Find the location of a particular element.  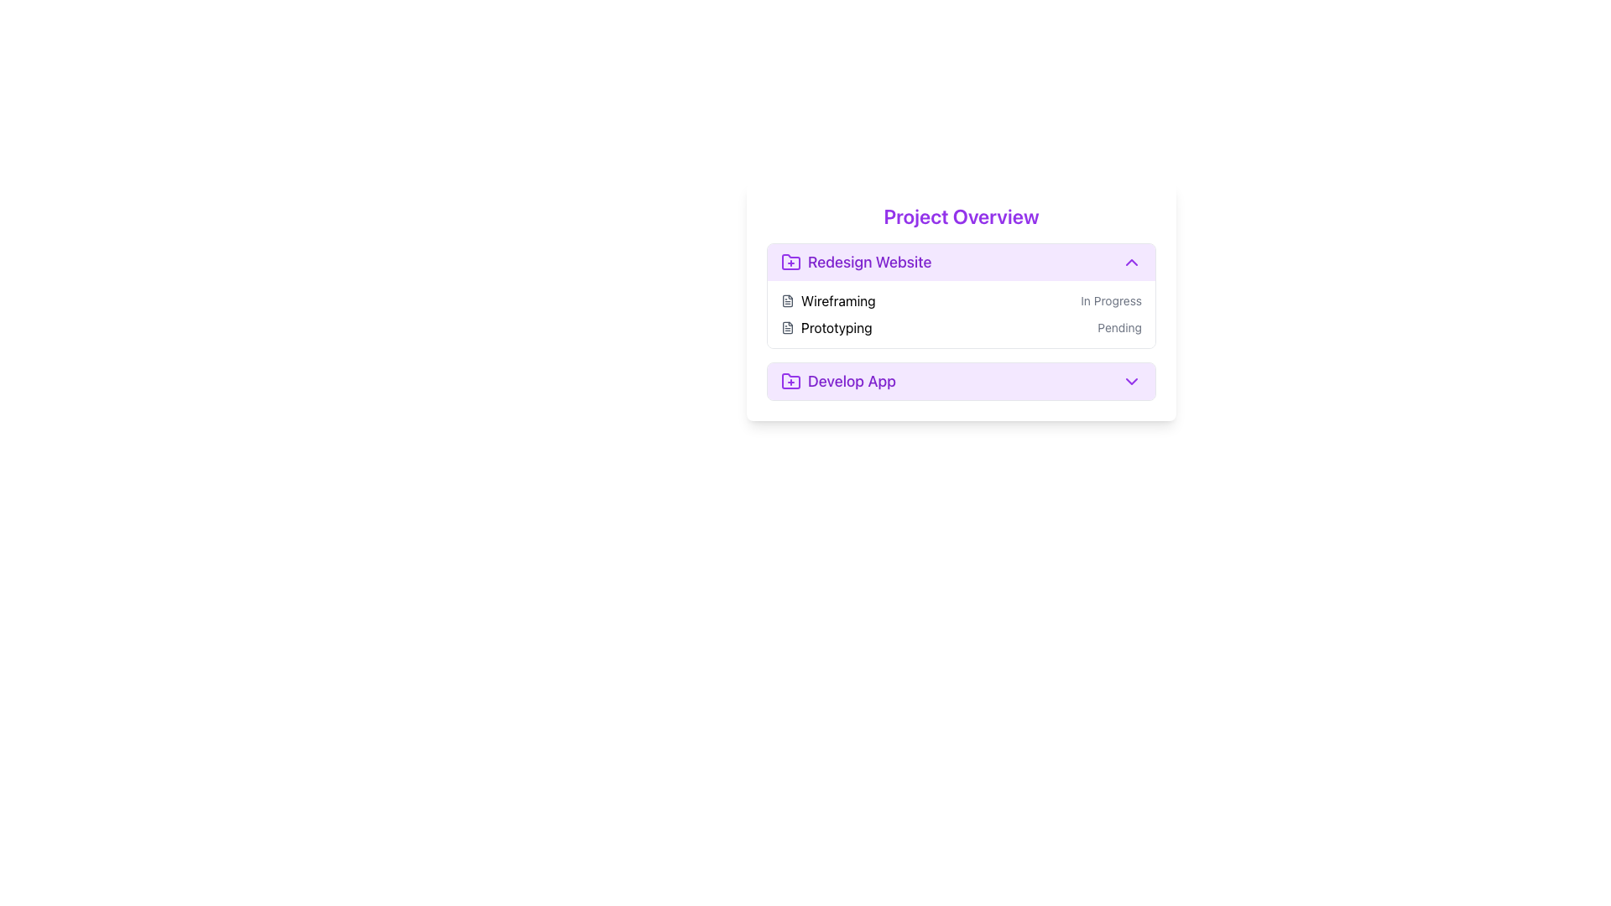

the purpose of the task represented is located at coordinates (787, 299).